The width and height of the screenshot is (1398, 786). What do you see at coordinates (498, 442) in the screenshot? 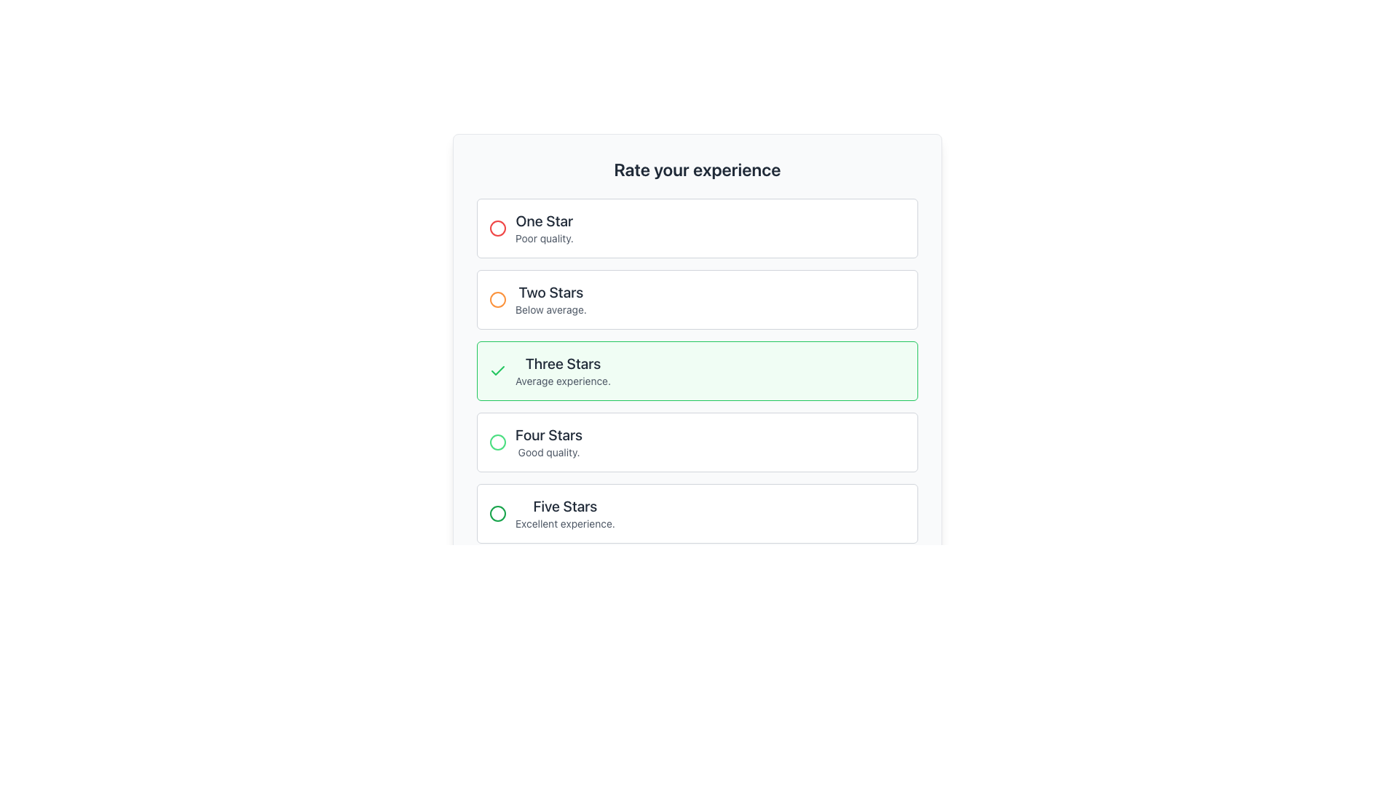
I see `the visual feedback of the circular element with a green border located at the 'Four Stars' rating option, centered in the checkbox area` at bounding box center [498, 442].